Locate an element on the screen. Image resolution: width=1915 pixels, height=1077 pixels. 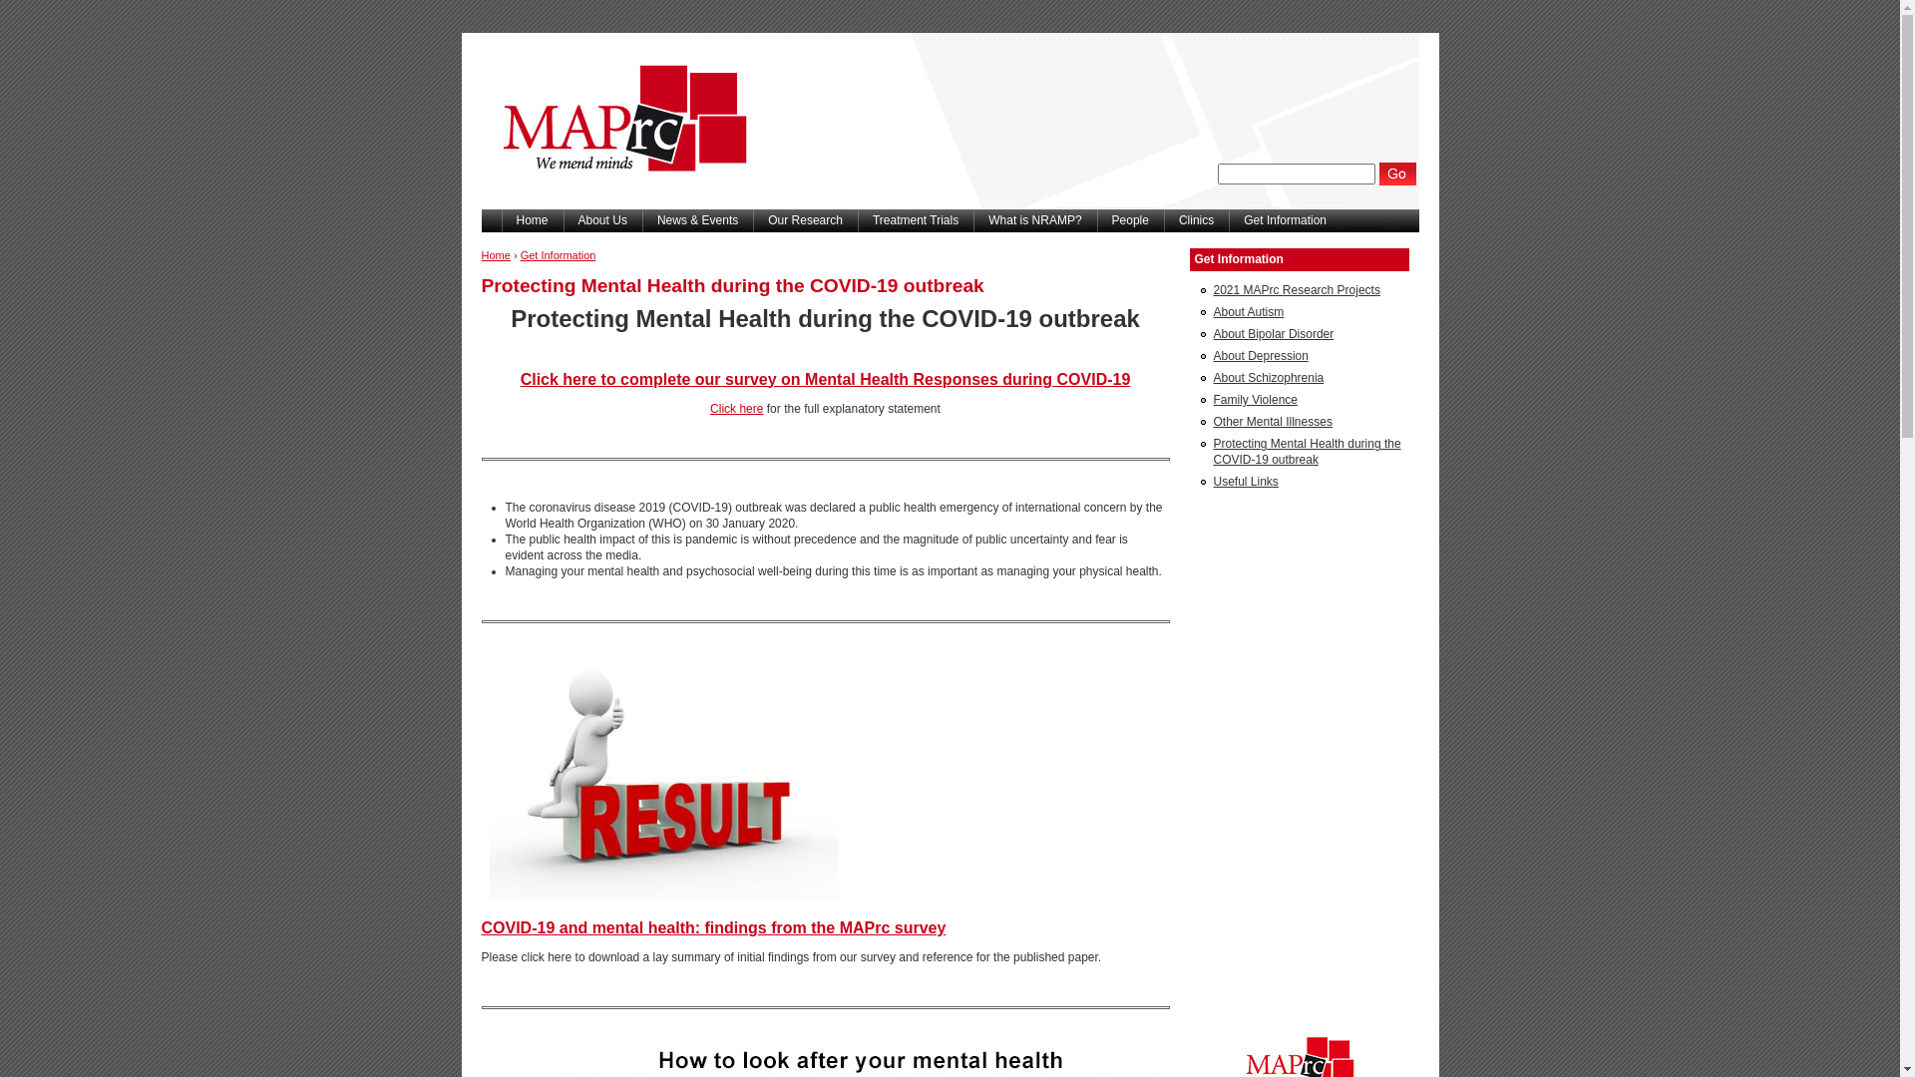
'Click here' is located at coordinates (735, 407).